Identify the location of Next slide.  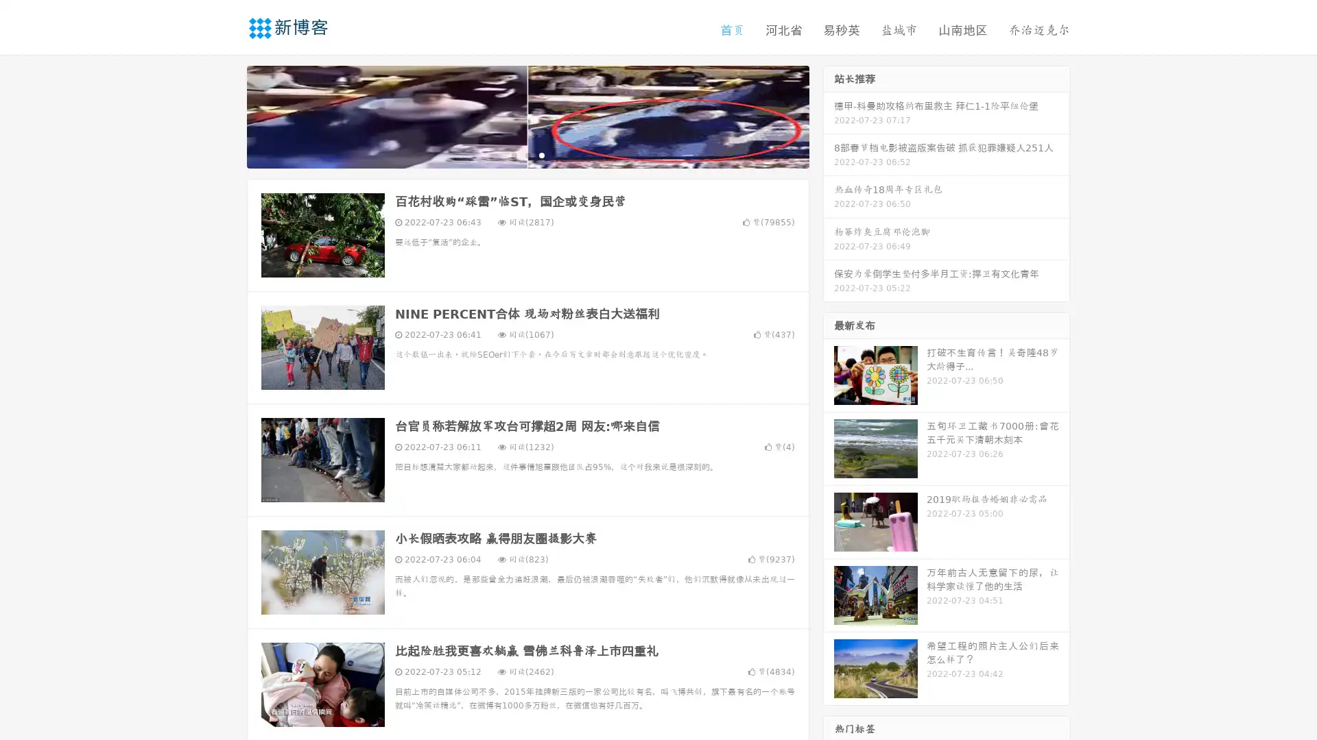
(829, 115).